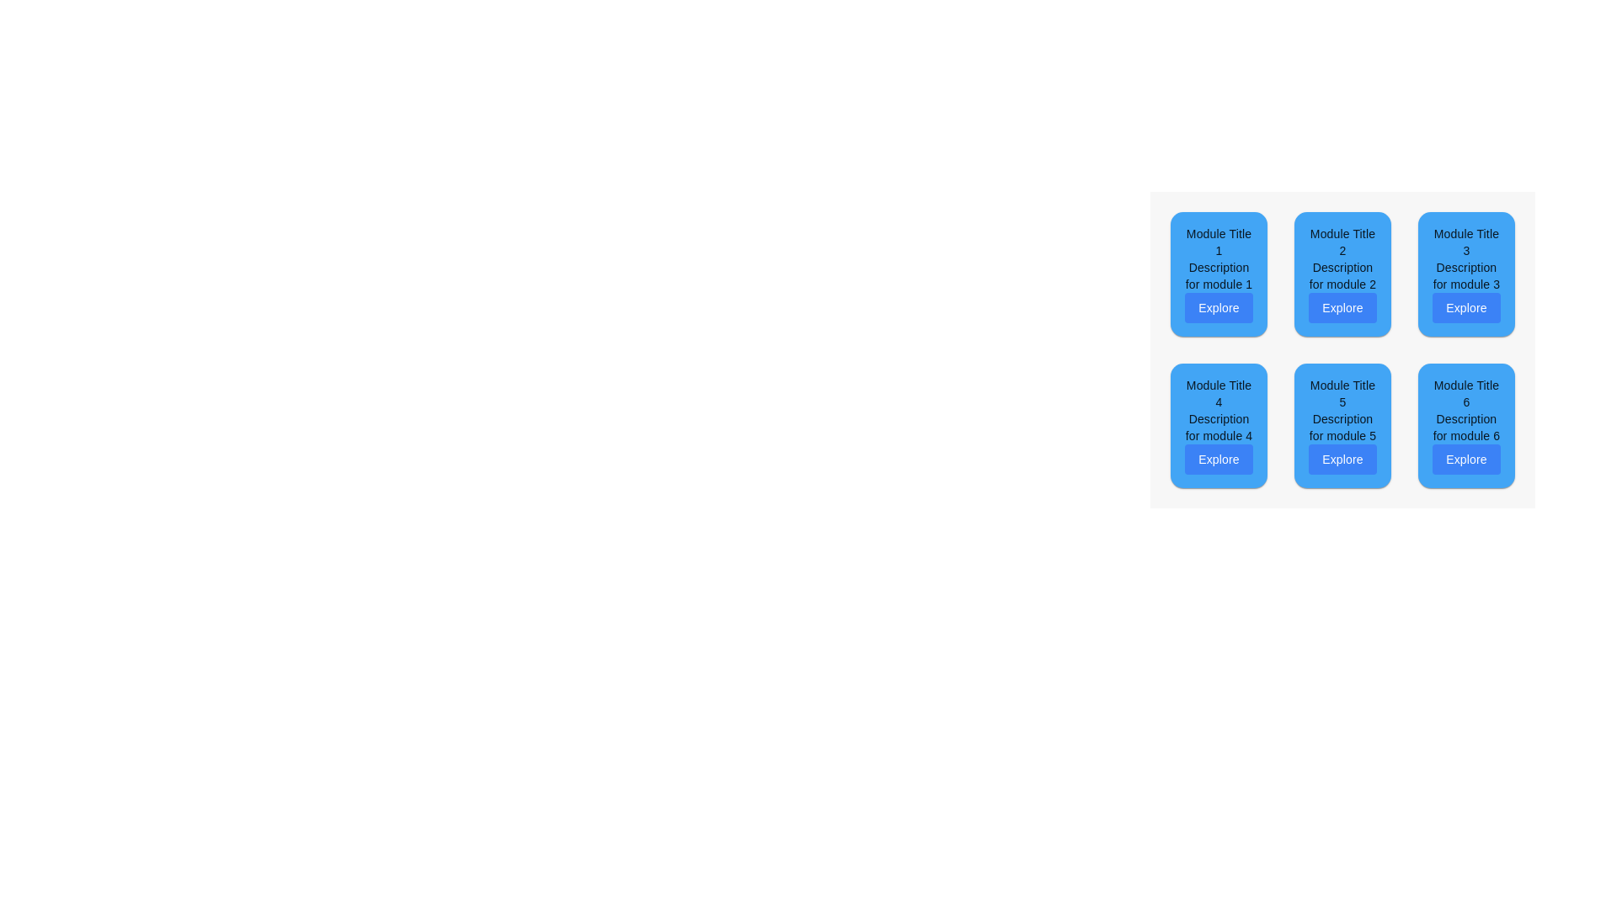 Image resolution: width=1617 pixels, height=909 pixels. What do you see at coordinates (1342, 308) in the screenshot?
I see `the blue button labeled 'Explore' at the bottom of the card titled 'Module Title 2'` at bounding box center [1342, 308].